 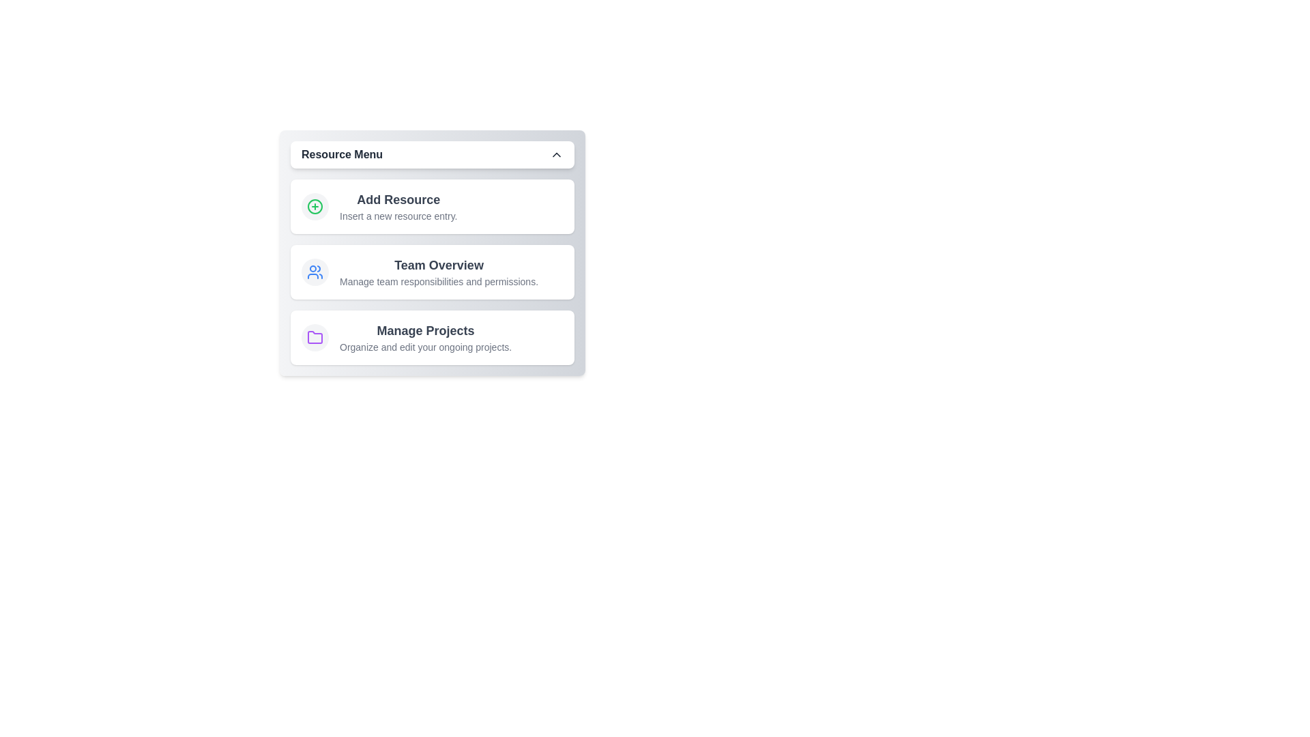 What do you see at coordinates (431, 154) in the screenshot?
I see `the toggle button to collapse the menu` at bounding box center [431, 154].